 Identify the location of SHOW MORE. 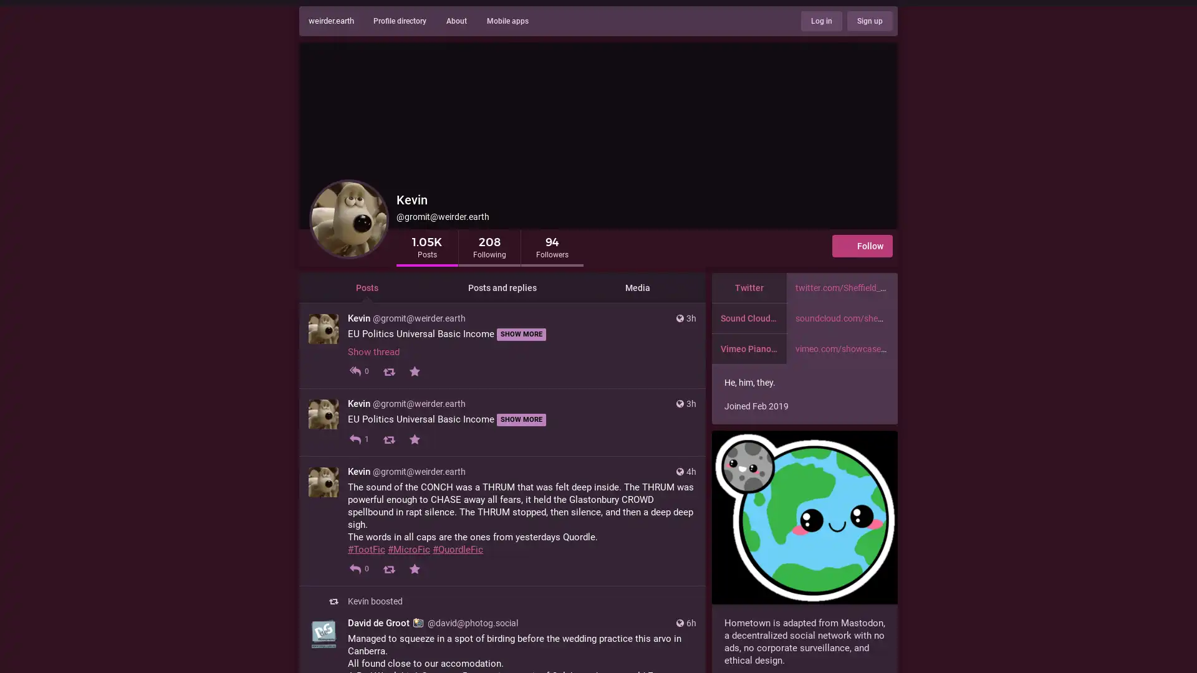
(521, 420).